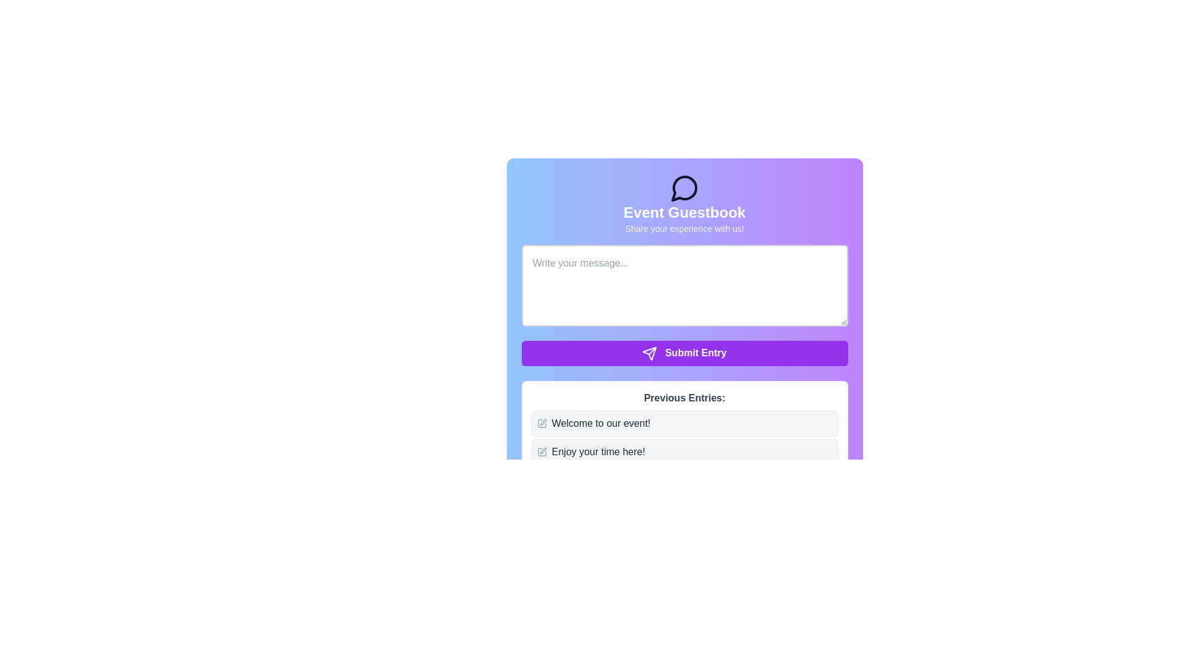  What do you see at coordinates (684, 212) in the screenshot?
I see `the text label that serves as a header for the section, located at the top-center of the interface, indicating the purpose of the section below` at bounding box center [684, 212].